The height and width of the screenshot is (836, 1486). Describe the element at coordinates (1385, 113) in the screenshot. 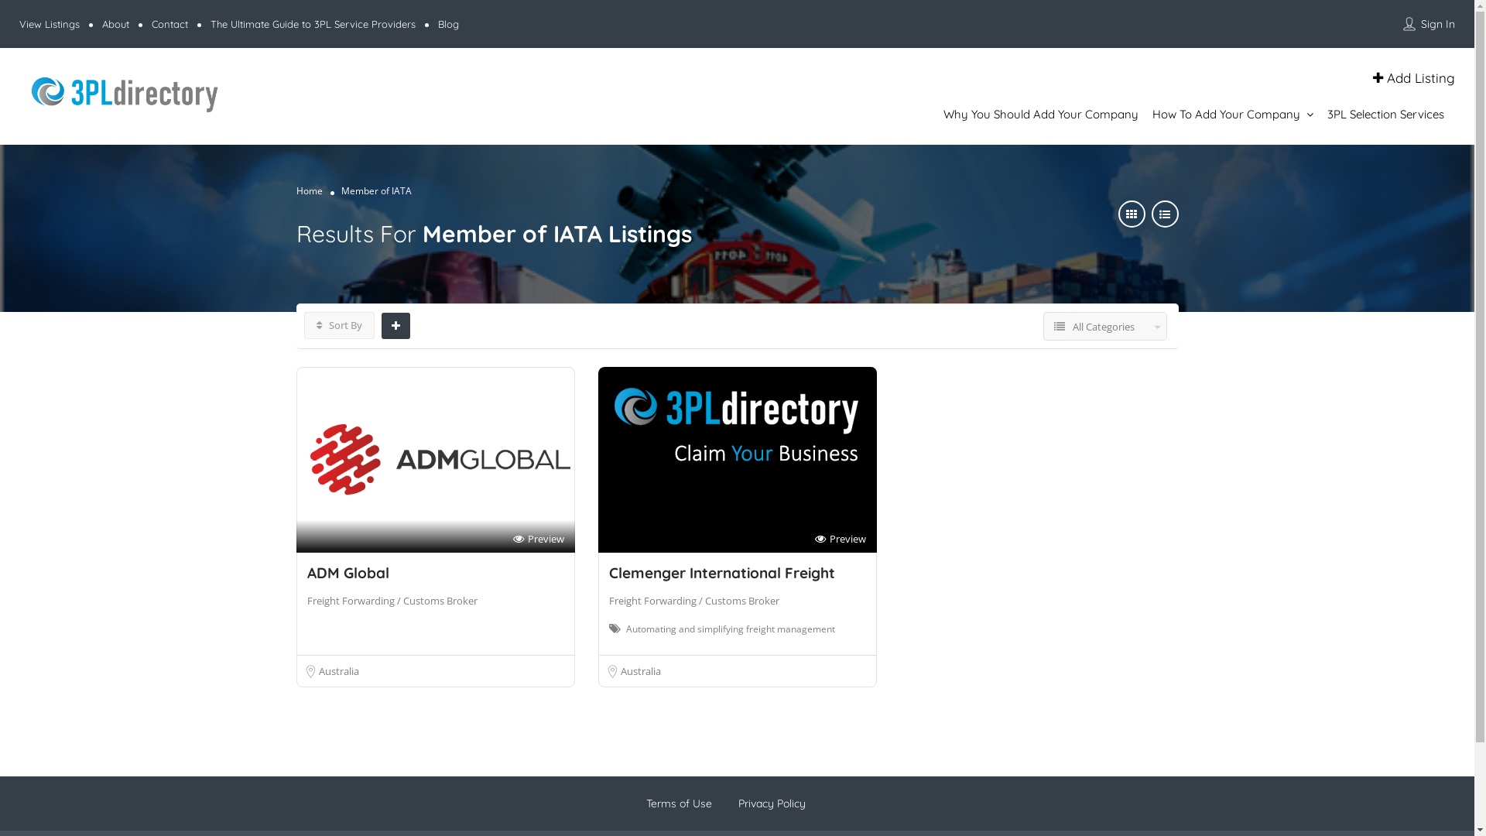

I see `'3PL Selection Services'` at that location.